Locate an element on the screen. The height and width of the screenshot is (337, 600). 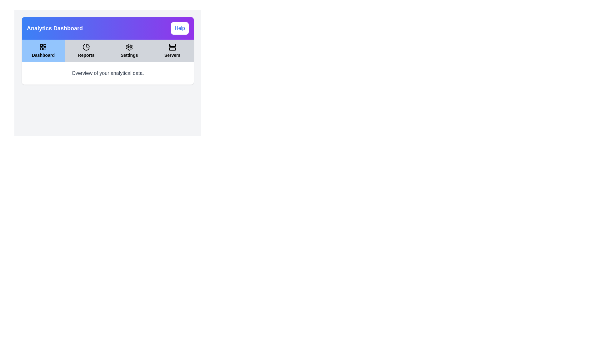
the 'Dashboard' text label is located at coordinates (43, 55).